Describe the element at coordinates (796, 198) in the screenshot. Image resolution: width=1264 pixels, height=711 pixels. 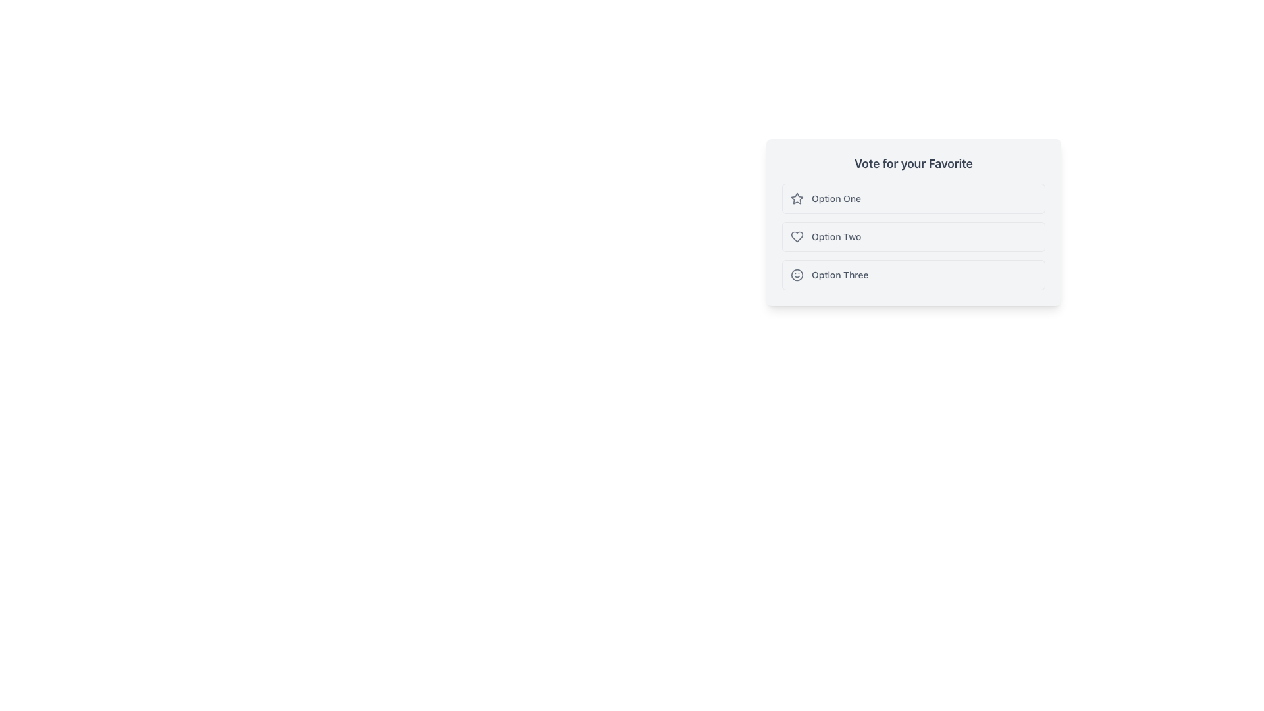
I see `the star-shaped icon with a hollow outline located to the left of the text label 'Option One'` at that location.